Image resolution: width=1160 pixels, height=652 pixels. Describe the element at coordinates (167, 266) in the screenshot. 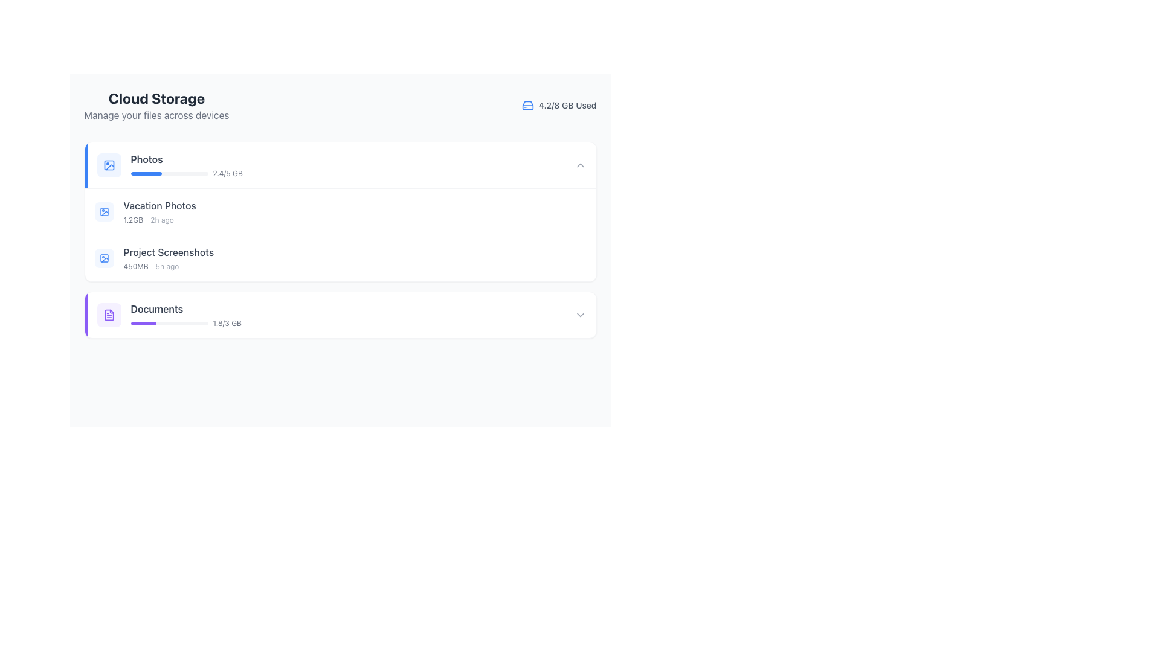

I see `the timestamp text label in the 'Project Screenshots' section of the 'Cloud Storage' interface, which indicates when the file was last modified or added` at that location.